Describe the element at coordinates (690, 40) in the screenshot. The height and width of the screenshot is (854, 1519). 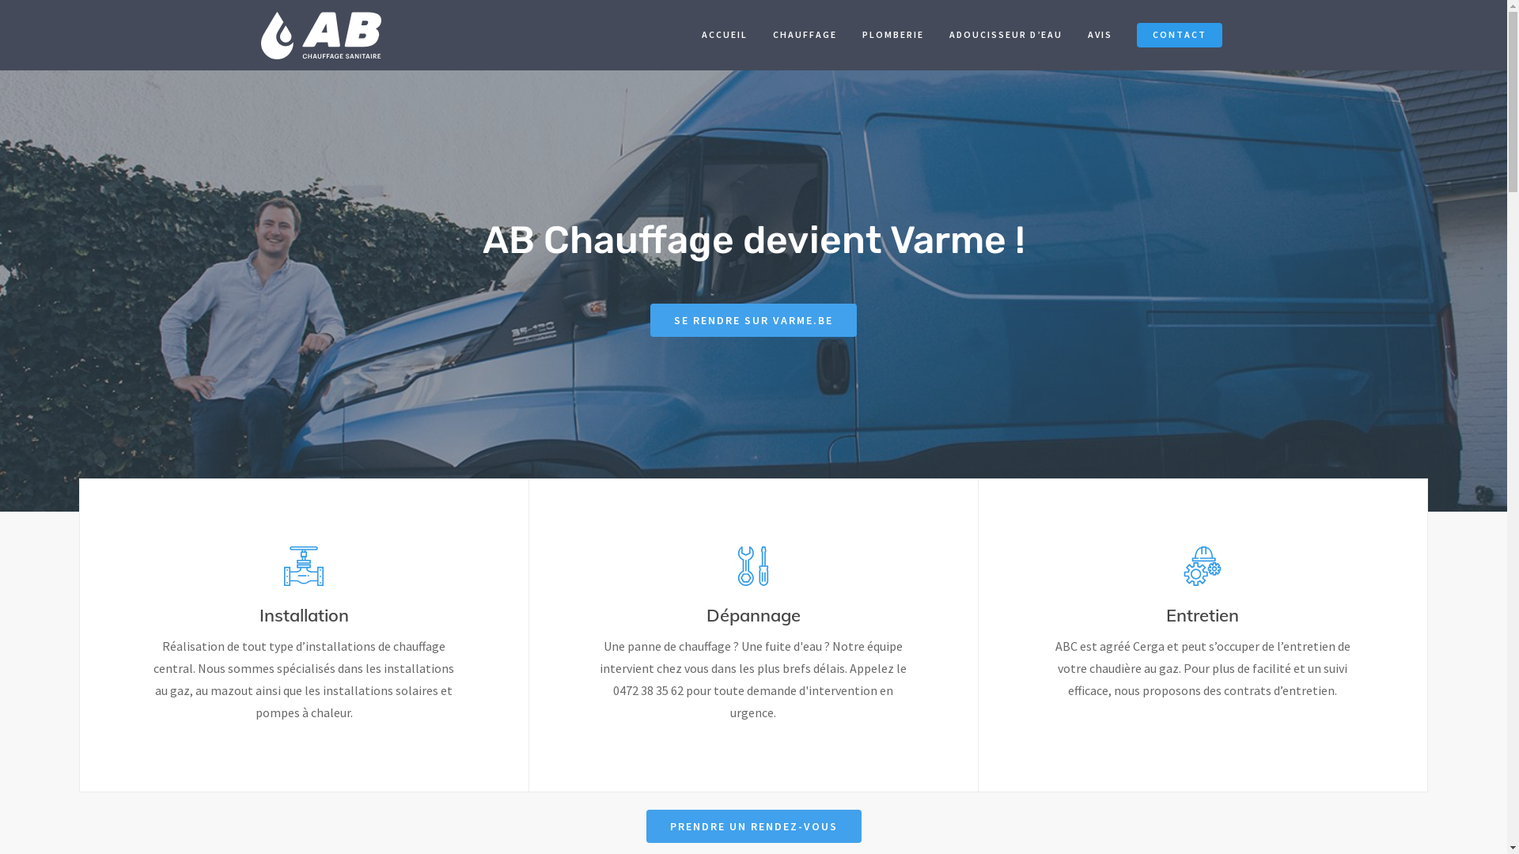
I see `'ACCUEIL'` at that location.